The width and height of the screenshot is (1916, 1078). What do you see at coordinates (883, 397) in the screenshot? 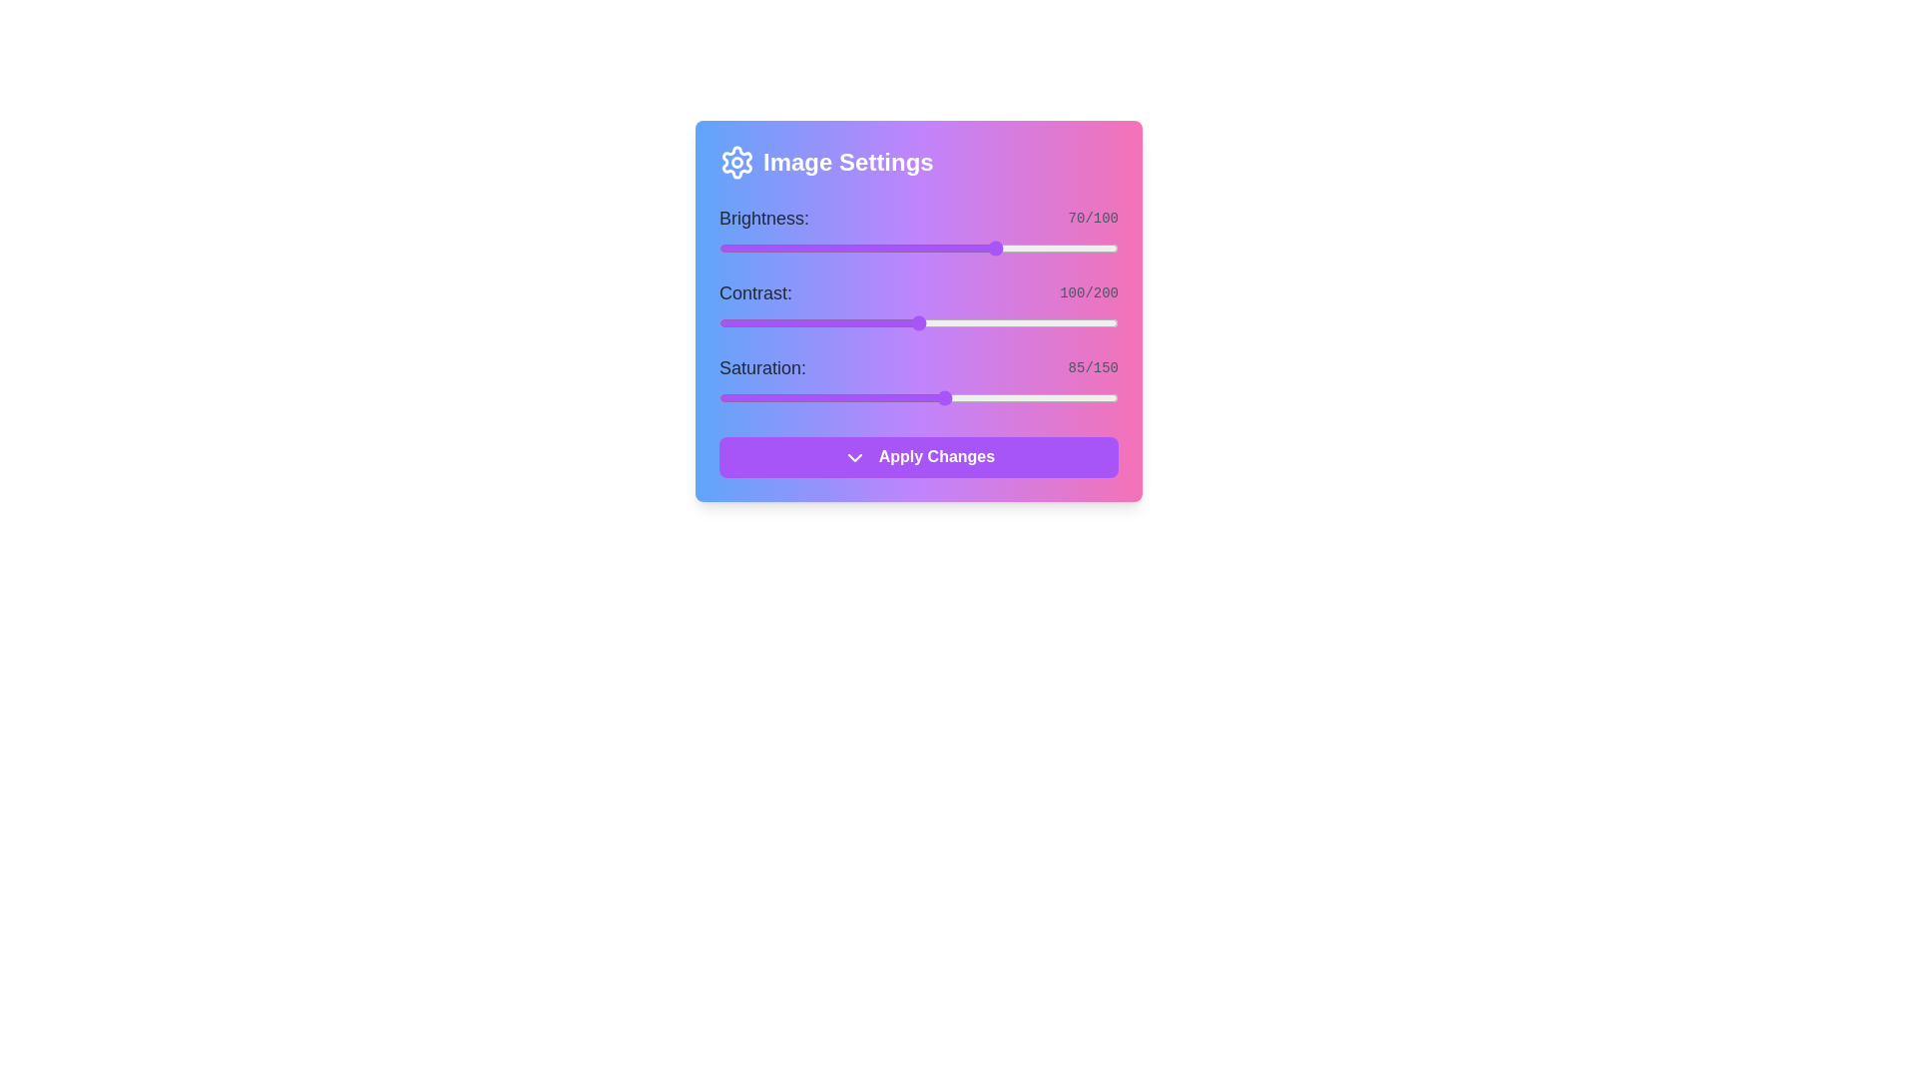
I see `the saturation slider to 62 level` at bounding box center [883, 397].